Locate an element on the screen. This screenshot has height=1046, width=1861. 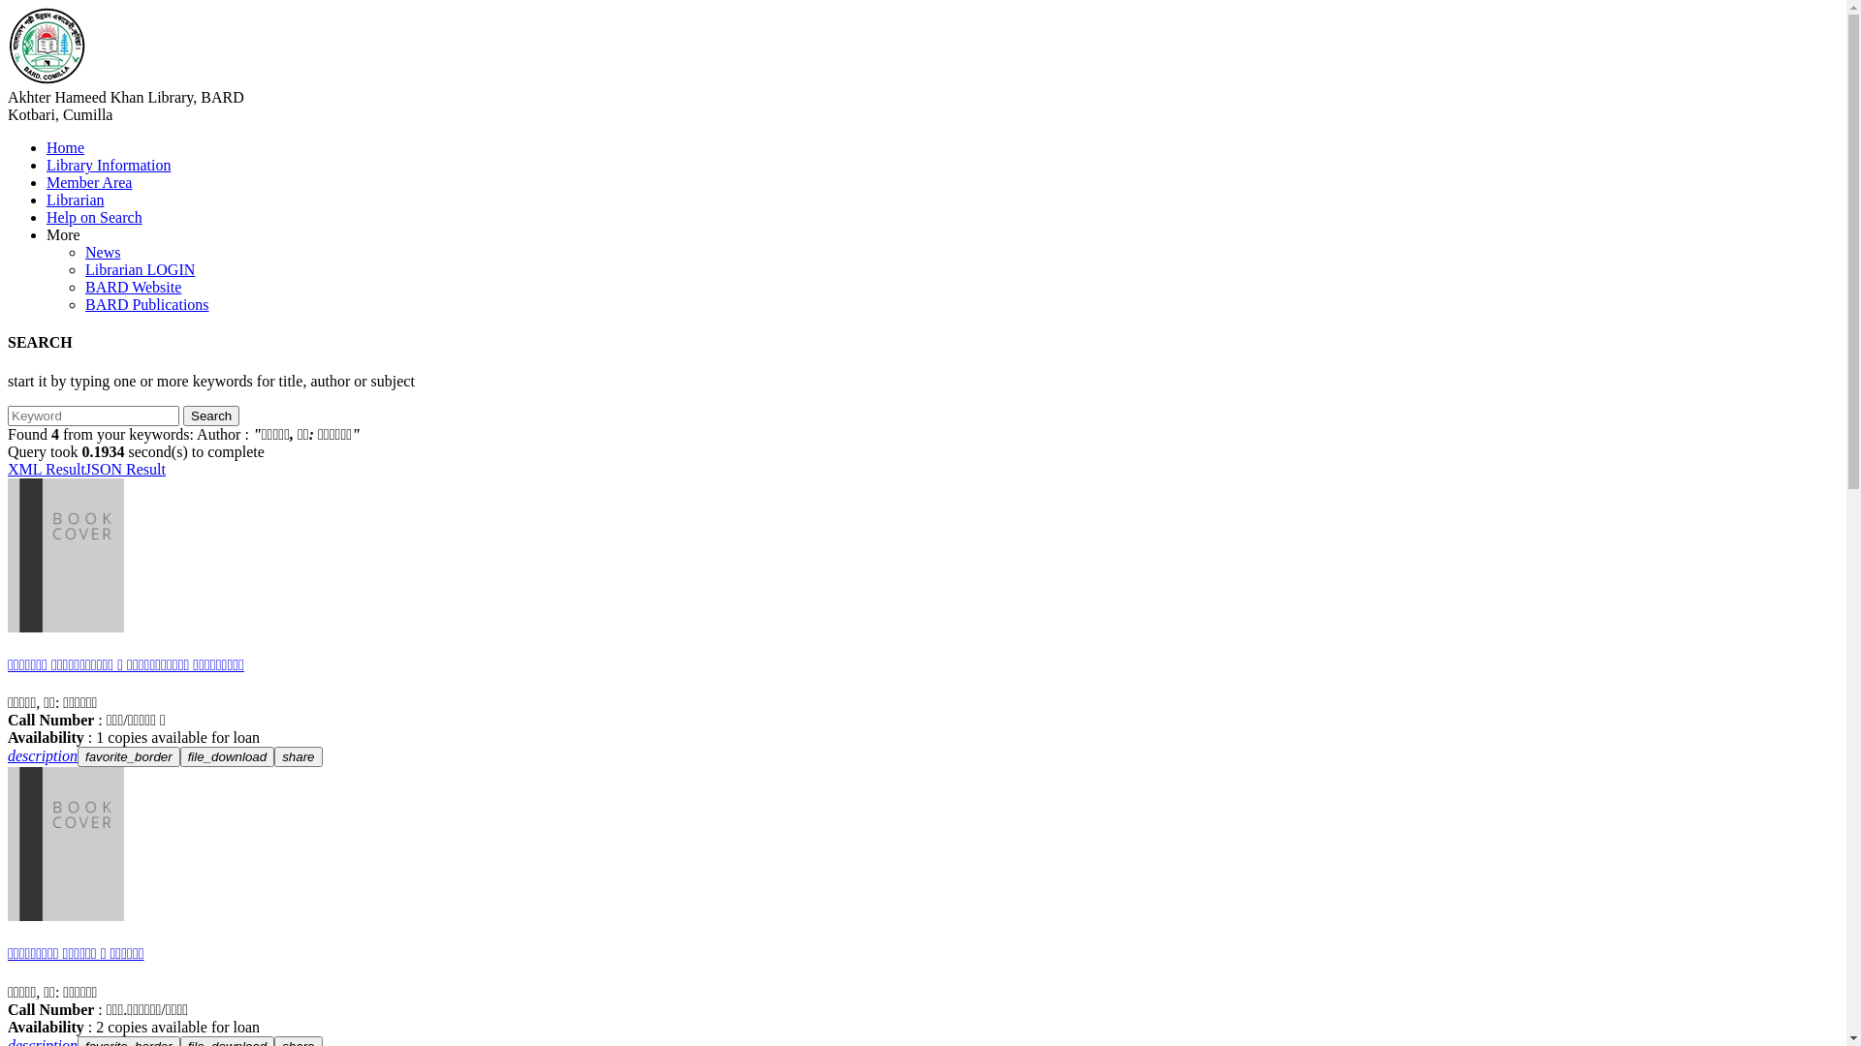
'Search' is located at coordinates (182, 415).